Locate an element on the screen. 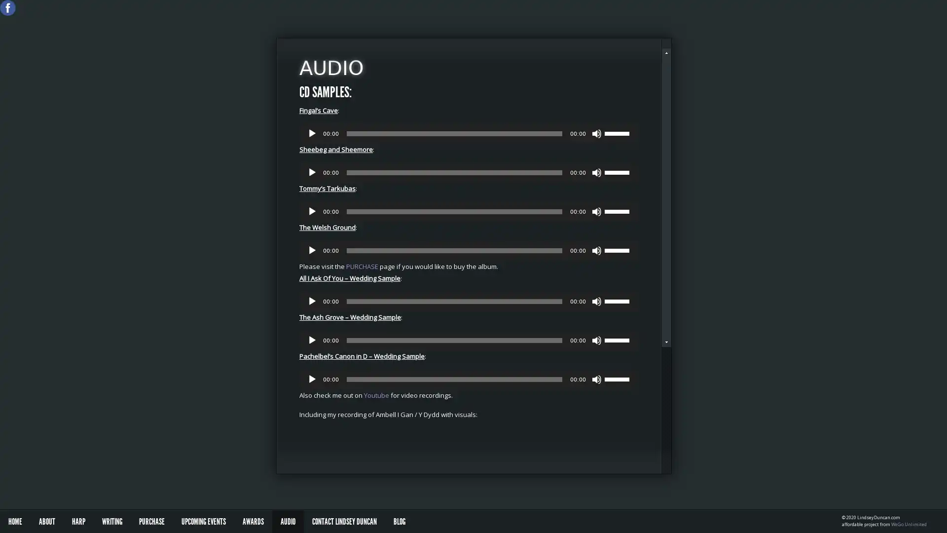  Play is located at coordinates (312, 133).